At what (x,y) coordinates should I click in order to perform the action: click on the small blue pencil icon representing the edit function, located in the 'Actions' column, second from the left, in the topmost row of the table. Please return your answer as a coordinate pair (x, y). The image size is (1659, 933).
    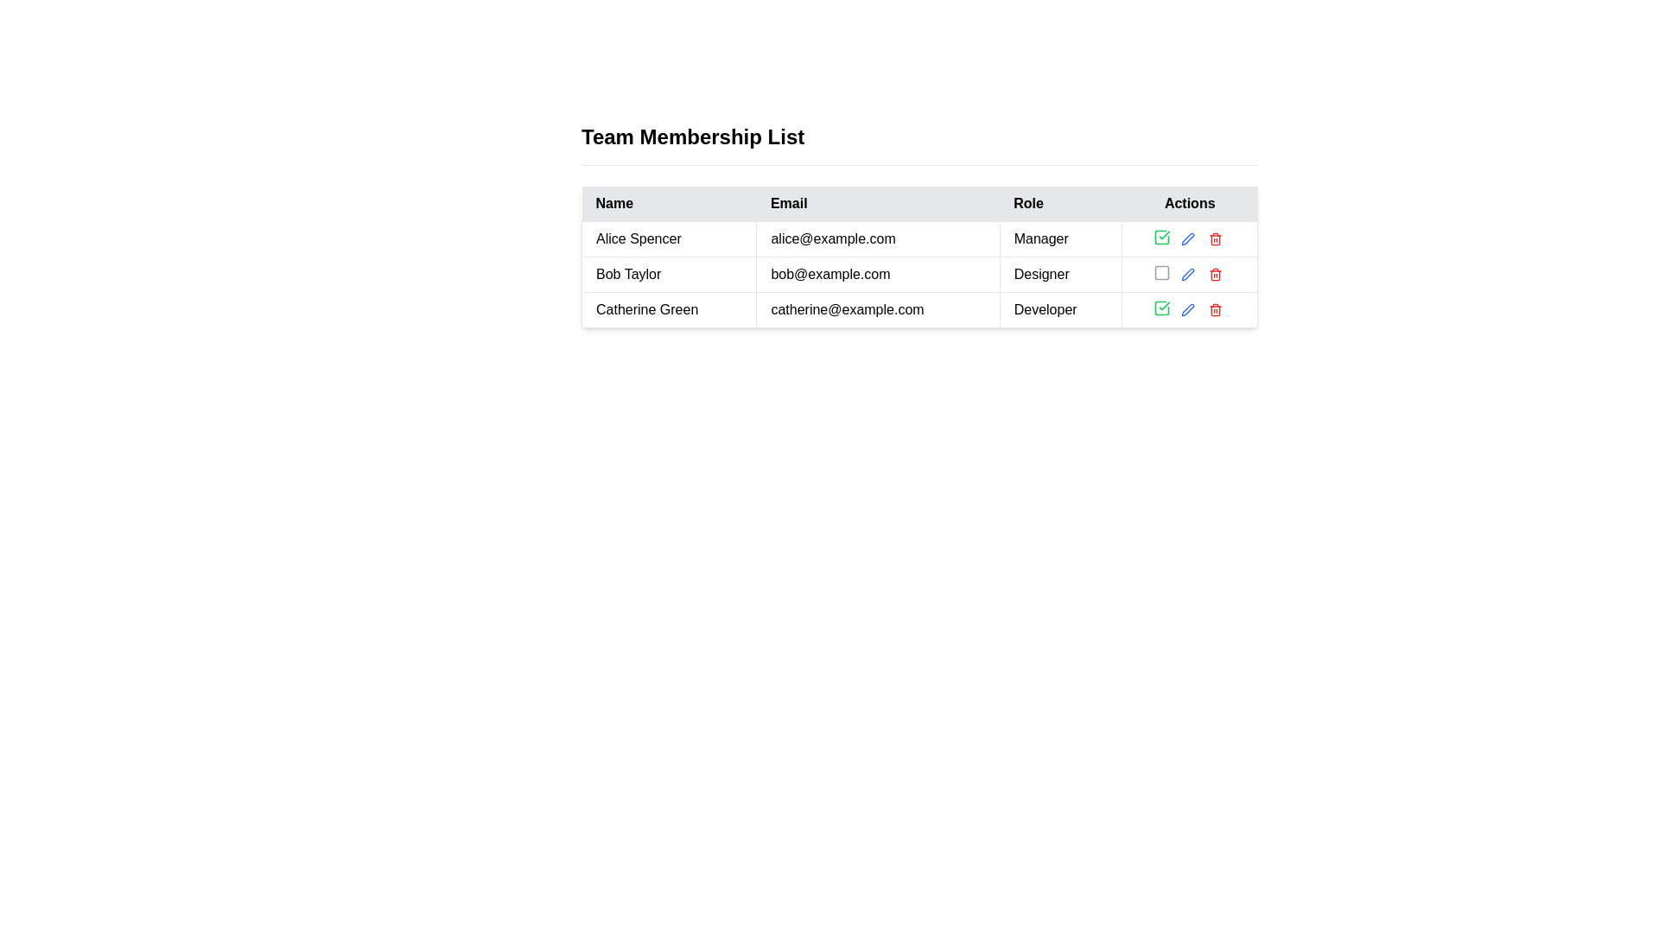
    Looking at the image, I should click on (1187, 239).